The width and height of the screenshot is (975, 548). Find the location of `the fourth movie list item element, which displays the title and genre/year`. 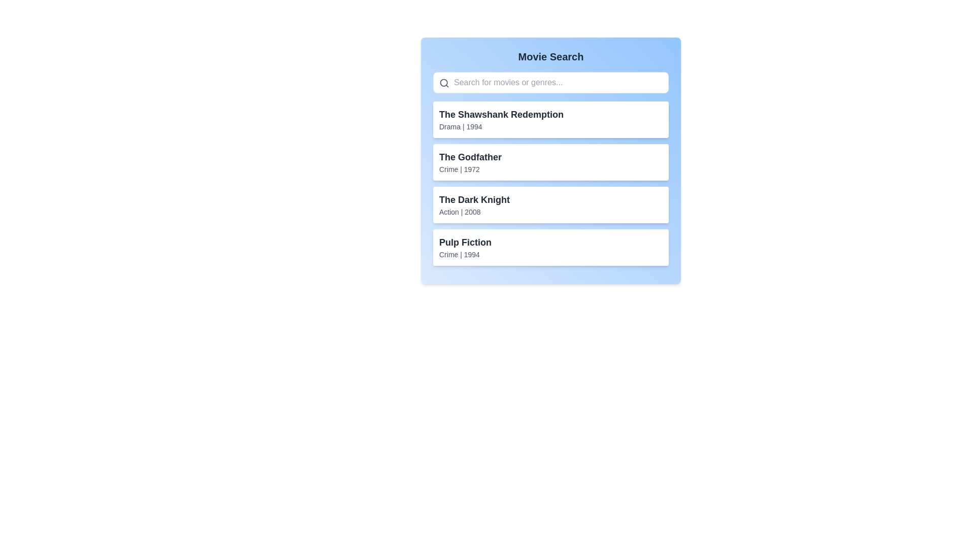

the fourth movie list item element, which displays the title and genre/year is located at coordinates (550, 248).